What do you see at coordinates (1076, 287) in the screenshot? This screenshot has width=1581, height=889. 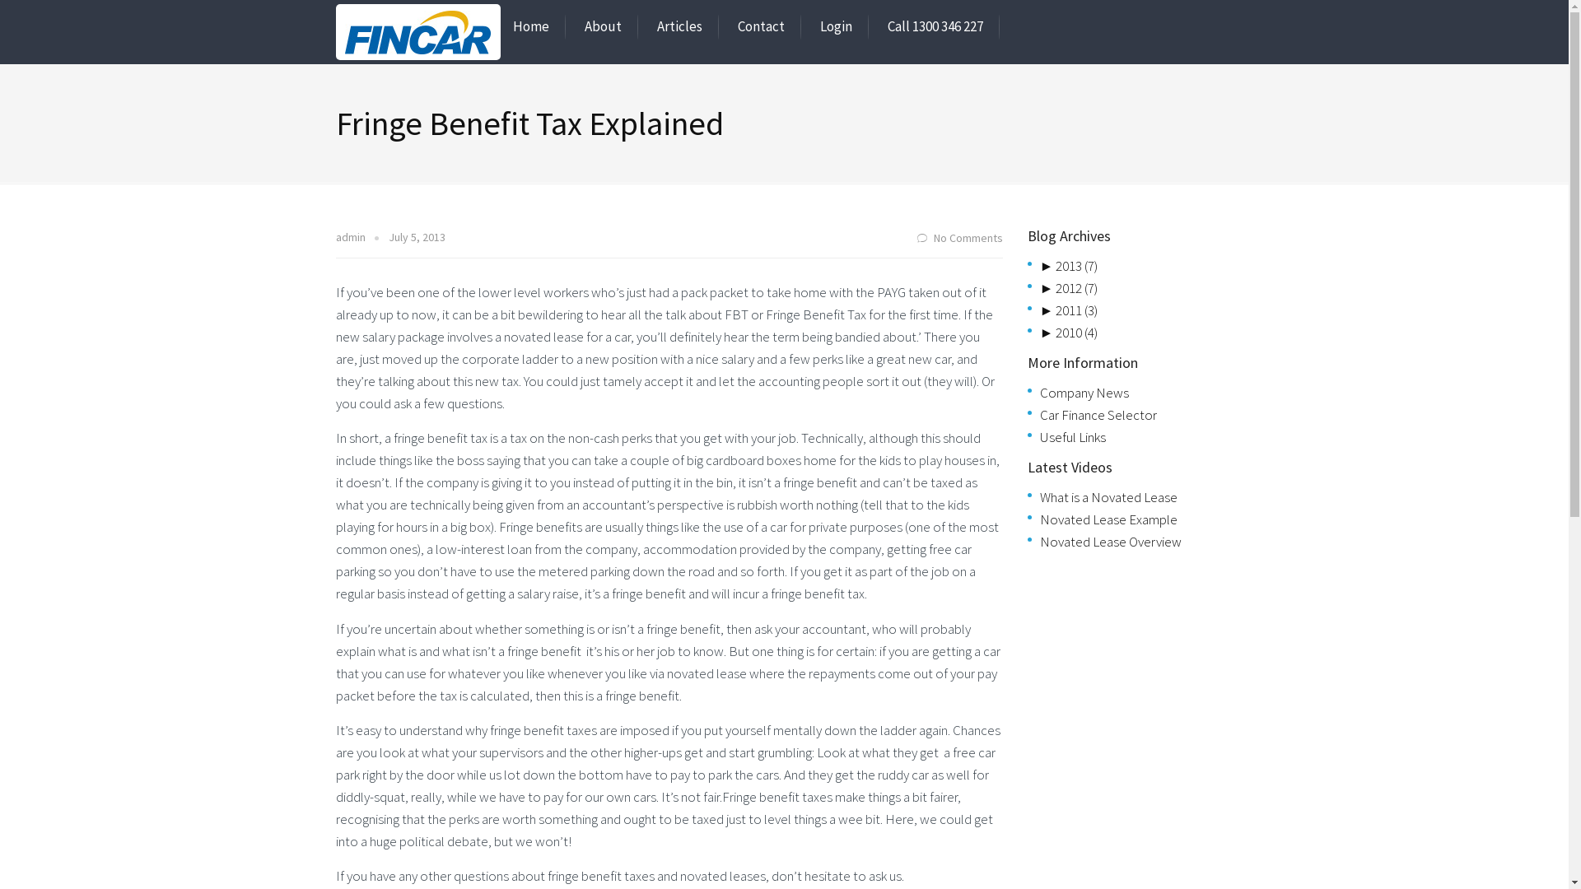 I see `'2012 (7)'` at bounding box center [1076, 287].